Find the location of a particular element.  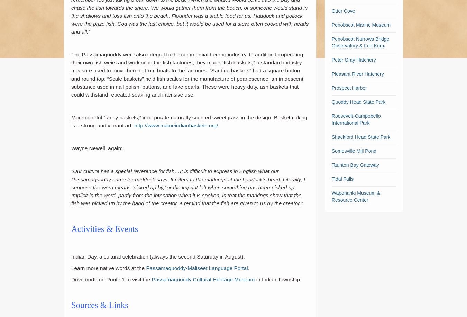

'Passamaquoddy-Maliseet Language Portal' is located at coordinates (146, 268).